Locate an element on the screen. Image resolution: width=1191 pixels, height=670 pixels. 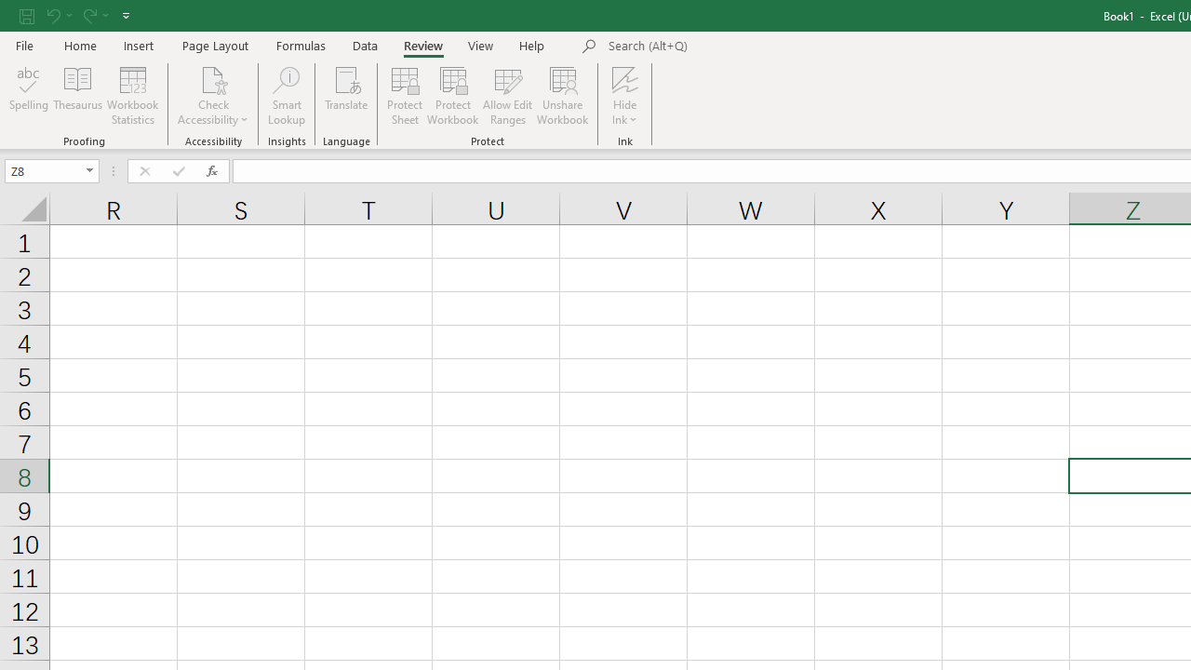
'Data' is located at coordinates (365, 45).